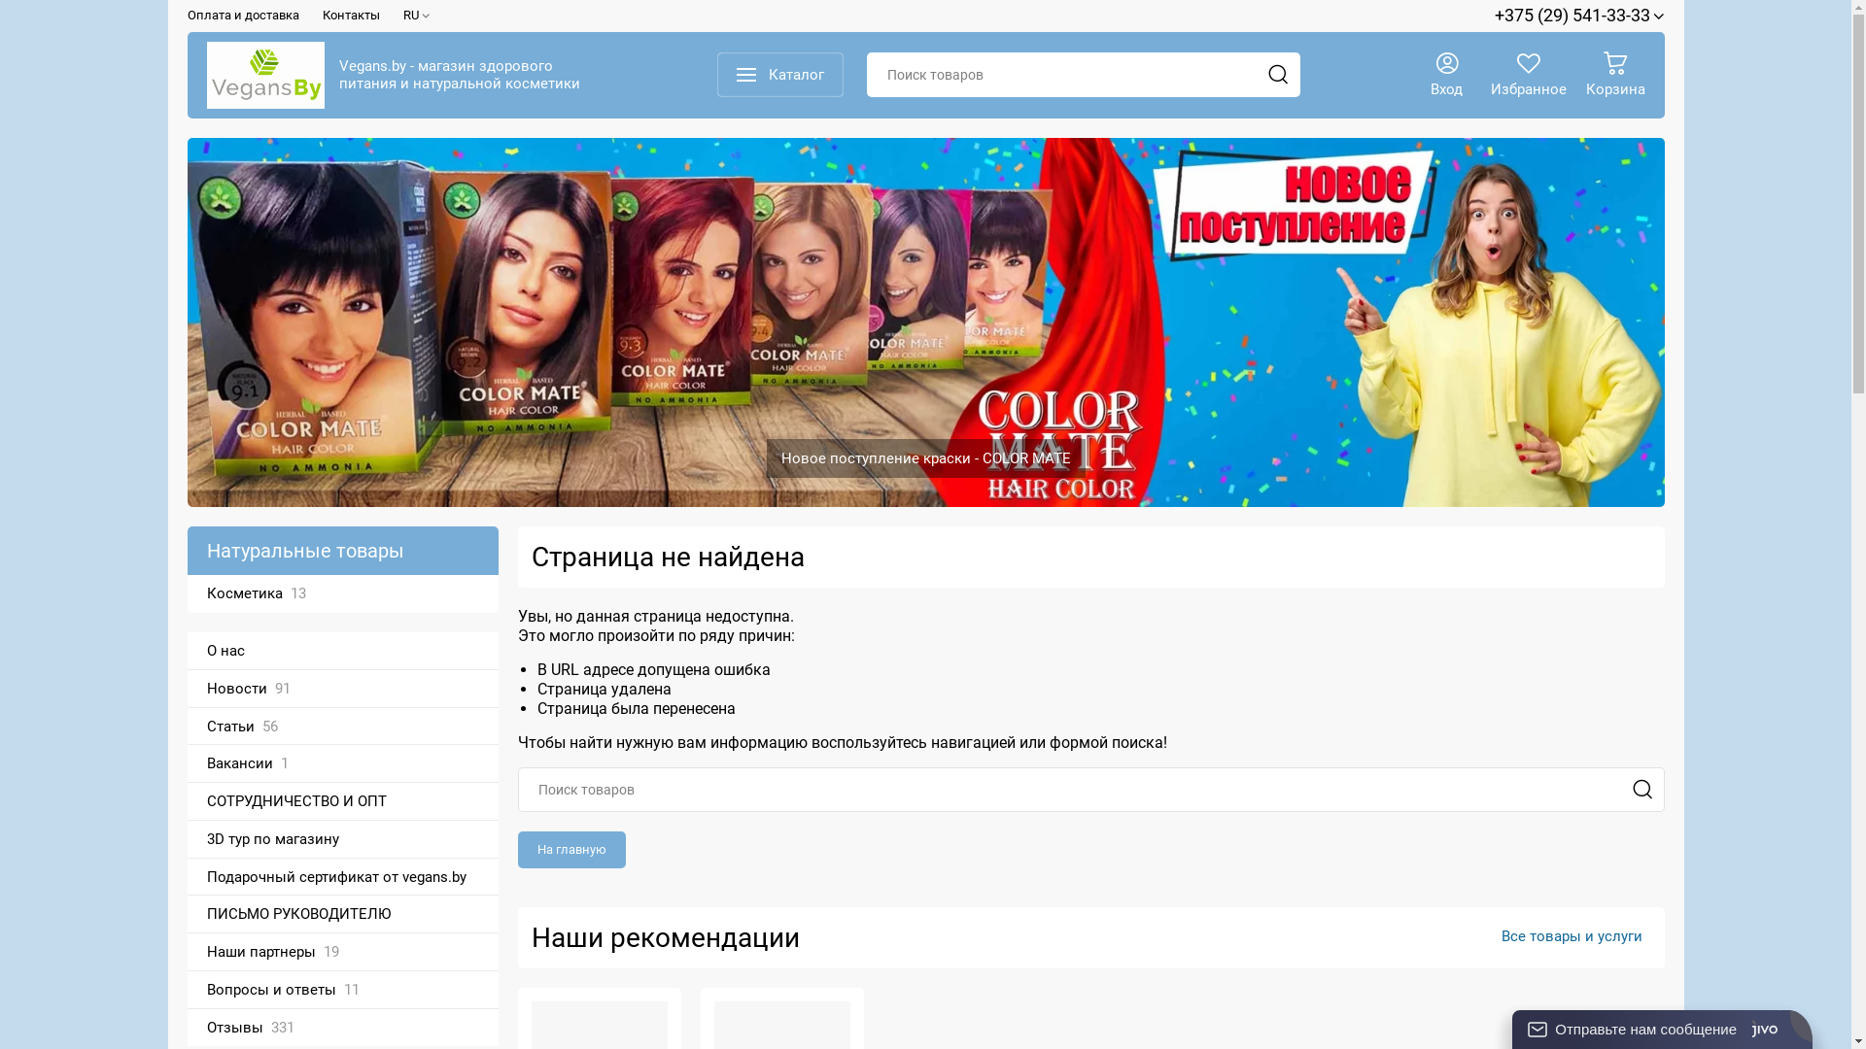  Describe the element at coordinates (414, 15) in the screenshot. I see `'RU'` at that location.